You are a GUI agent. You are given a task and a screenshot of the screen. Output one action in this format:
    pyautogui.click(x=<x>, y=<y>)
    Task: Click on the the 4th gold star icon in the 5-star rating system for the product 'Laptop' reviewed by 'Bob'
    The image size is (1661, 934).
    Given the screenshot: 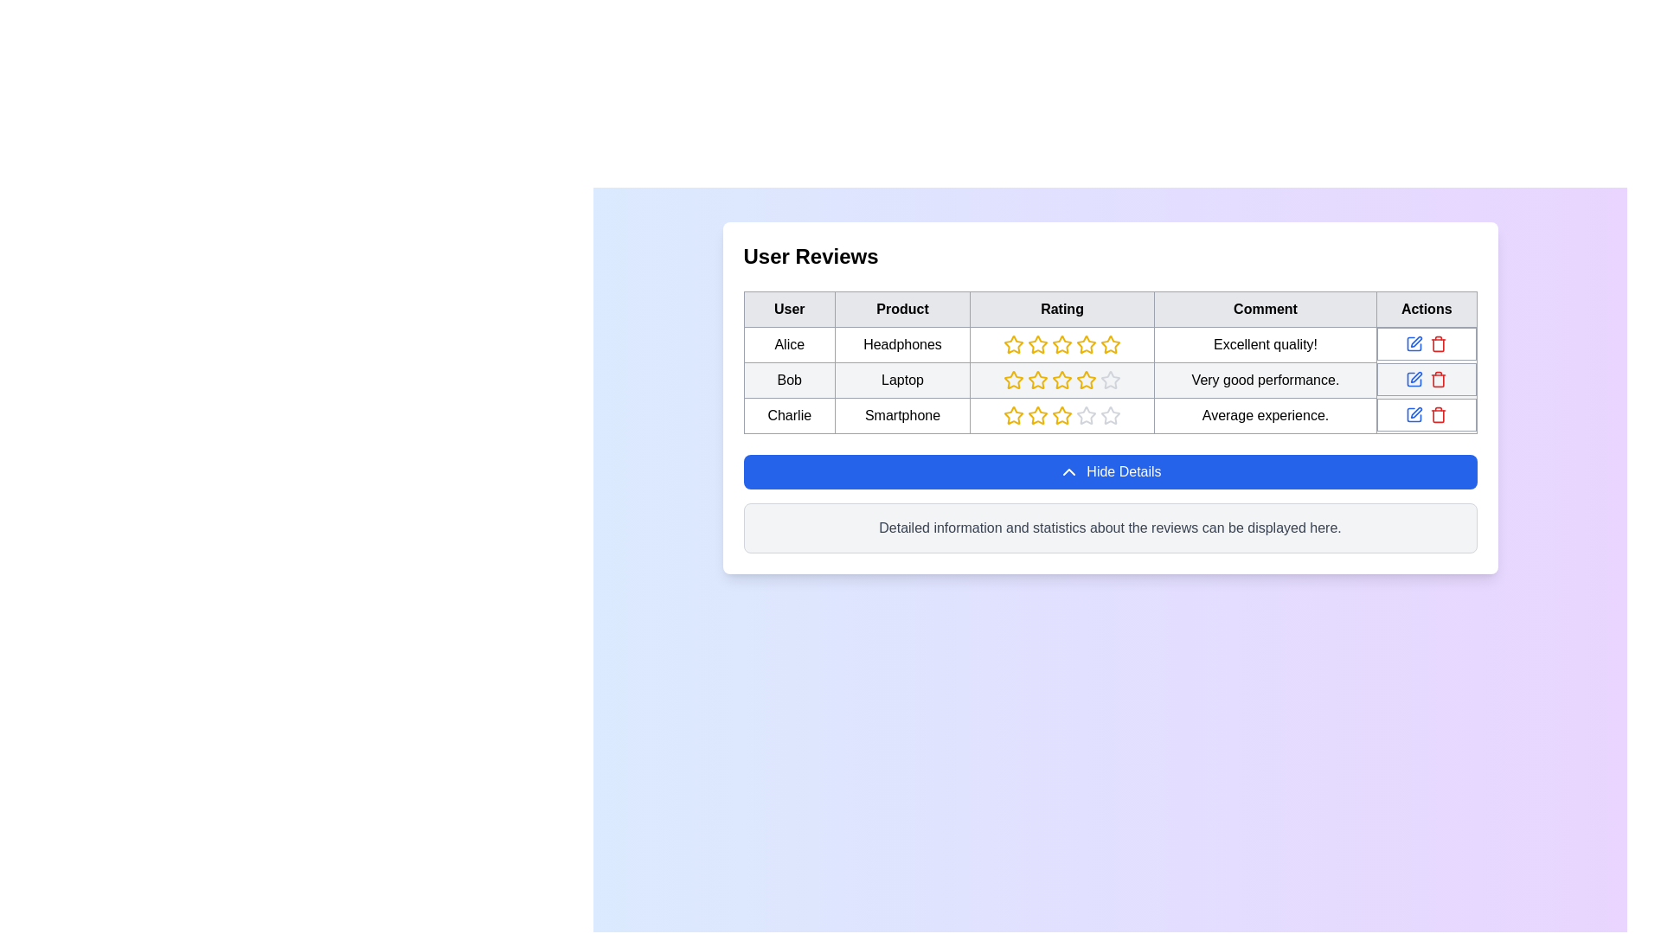 What is the action you would take?
    pyautogui.click(x=1086, y=379)
    